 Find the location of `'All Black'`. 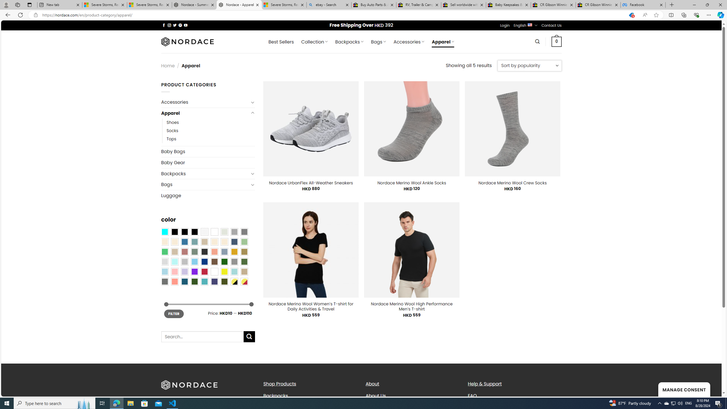

'All Black' is located at coordinates (174, 231).